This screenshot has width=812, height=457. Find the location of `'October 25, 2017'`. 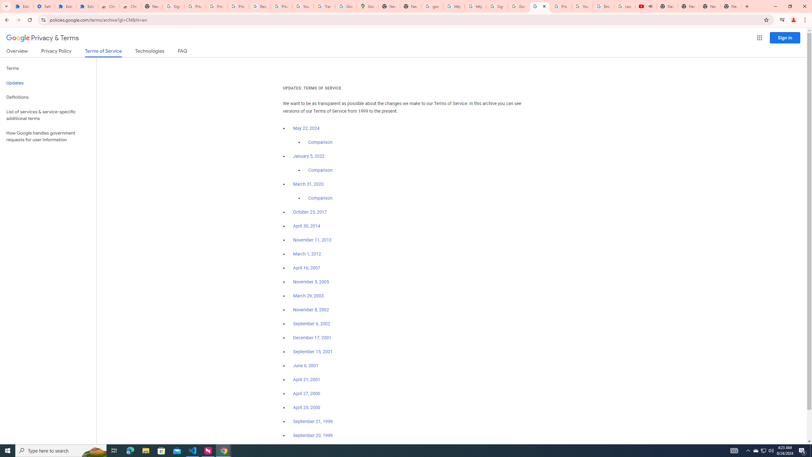

'October 25, 2017' is located at coordinates (310, 212).